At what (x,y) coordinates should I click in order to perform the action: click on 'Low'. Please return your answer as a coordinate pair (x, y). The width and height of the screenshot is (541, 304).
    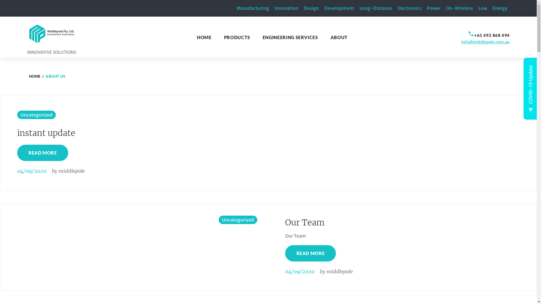
    Looking at the image, I should click on (482, 8).